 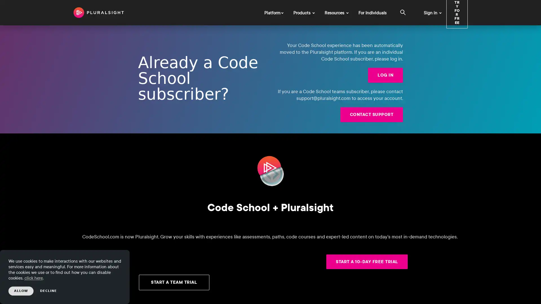 What do you see at coordinates (48, 291) in the screenshot?
I see `DECLINE` at bounding box center [48, 291].